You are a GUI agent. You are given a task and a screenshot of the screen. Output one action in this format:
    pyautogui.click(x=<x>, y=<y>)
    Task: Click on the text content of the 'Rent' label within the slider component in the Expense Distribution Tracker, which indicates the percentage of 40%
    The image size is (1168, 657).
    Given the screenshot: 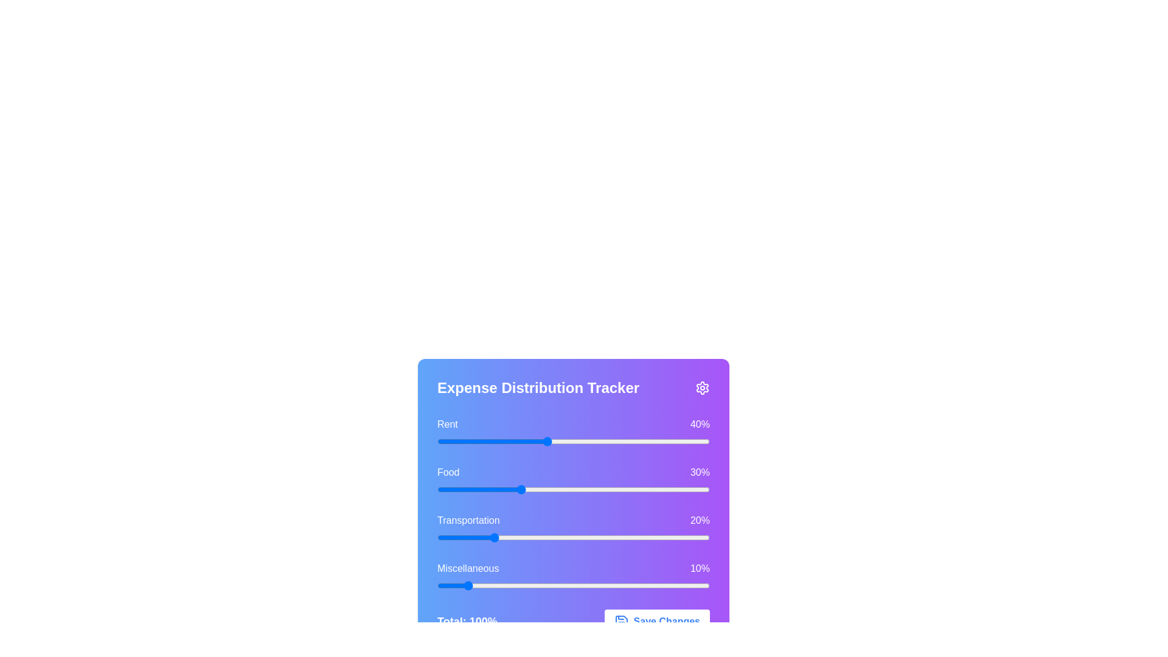 What is the action you would take?
    pyautogui.click(x=572, y=424)
    